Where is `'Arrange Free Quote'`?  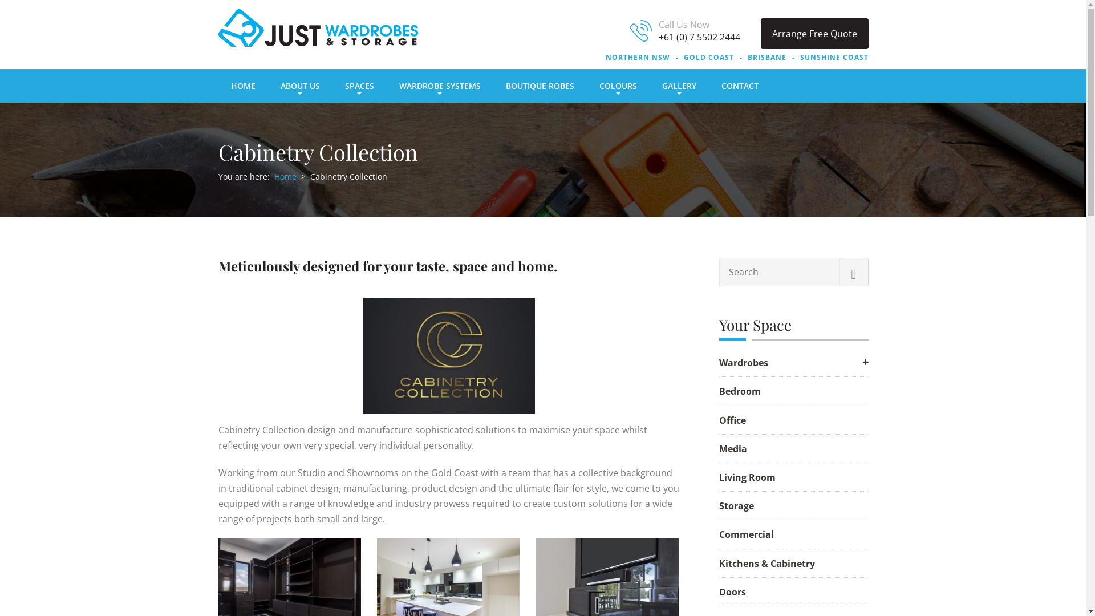
'Arrange Free Quote' is located at coordinates (814, 33).